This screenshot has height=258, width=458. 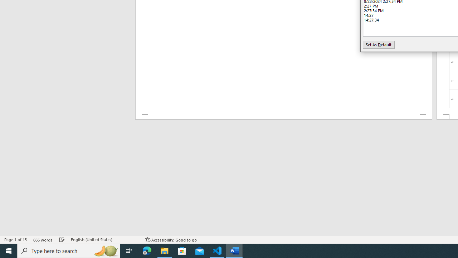 What do you see at coordinates (69, 250) in the screenshot?
I see `'Type here to search'` at bounding box center [69, 250].